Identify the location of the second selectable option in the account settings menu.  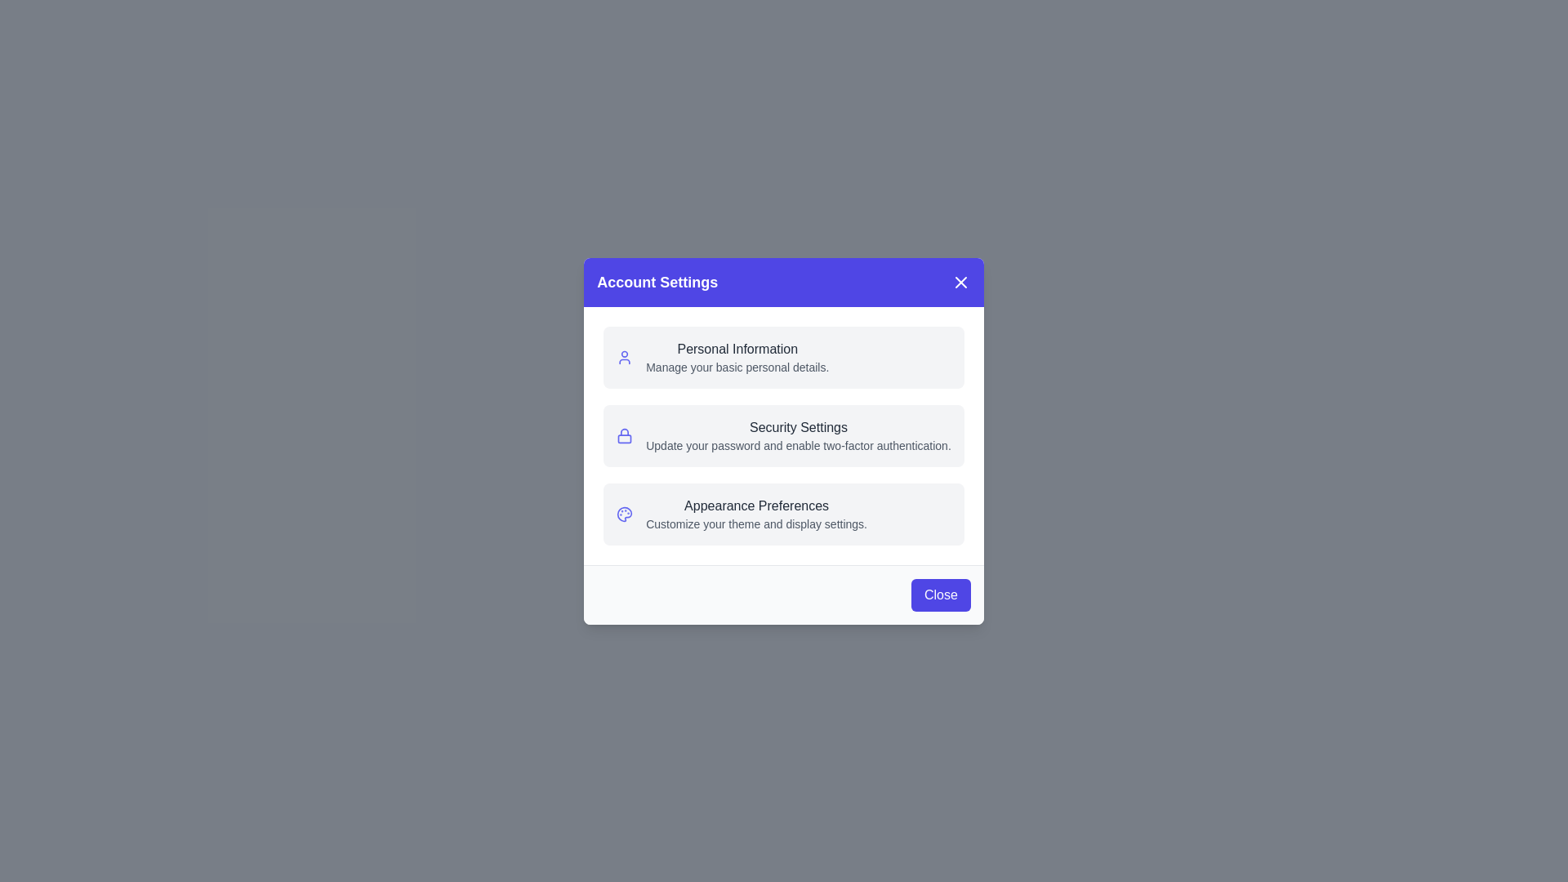
(799, 434).